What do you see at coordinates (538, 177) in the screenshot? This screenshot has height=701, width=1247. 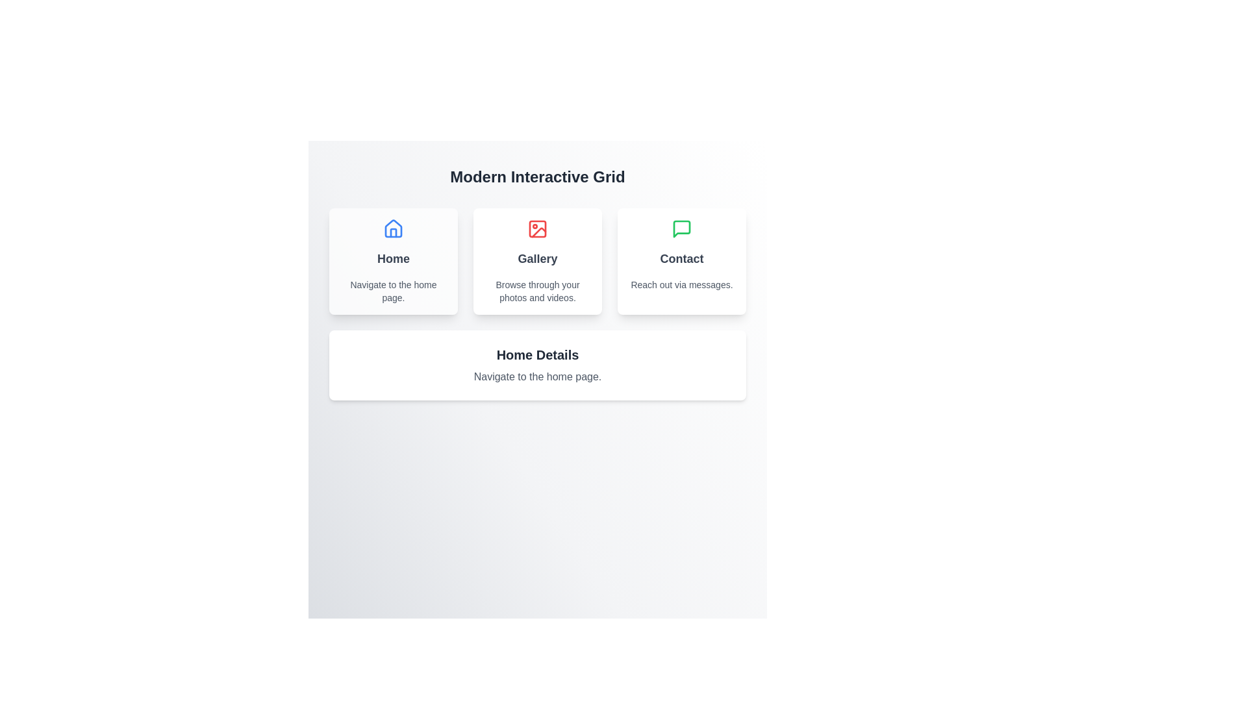 I see `the static text label that serves as the title or heading for the interface, positioned at the top of the header section above the grid layout` at bounding box center [538, 177].